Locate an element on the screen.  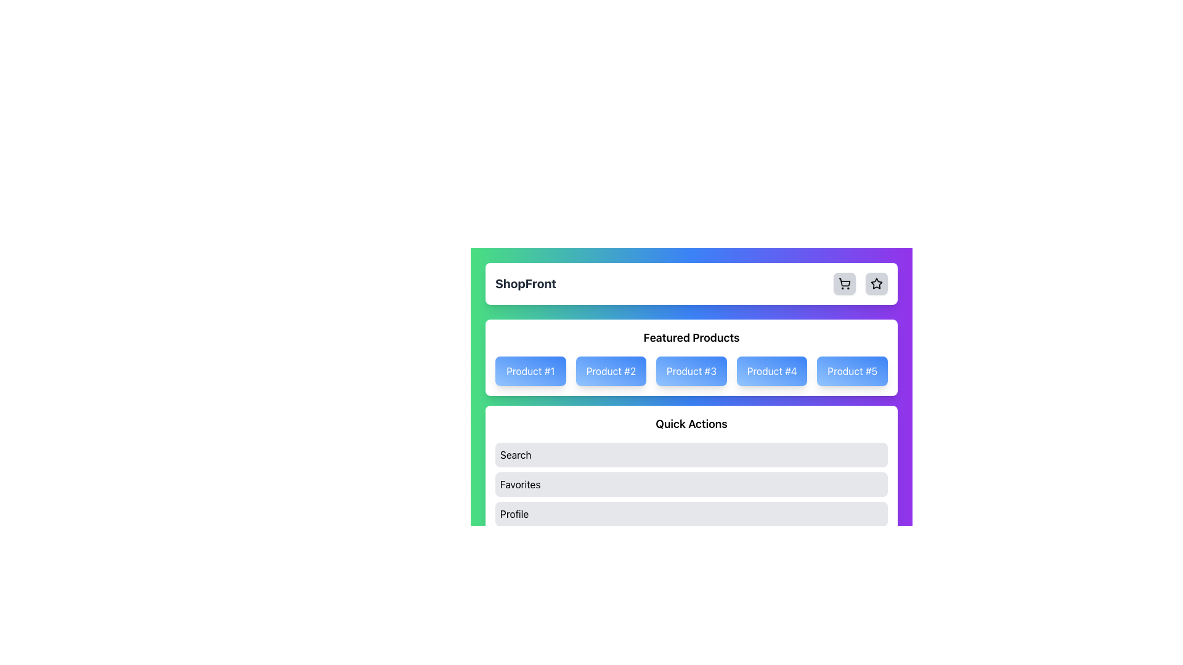
the 'Product #1' button in the 'Featured Products' section is located at coordinates (531, 370).